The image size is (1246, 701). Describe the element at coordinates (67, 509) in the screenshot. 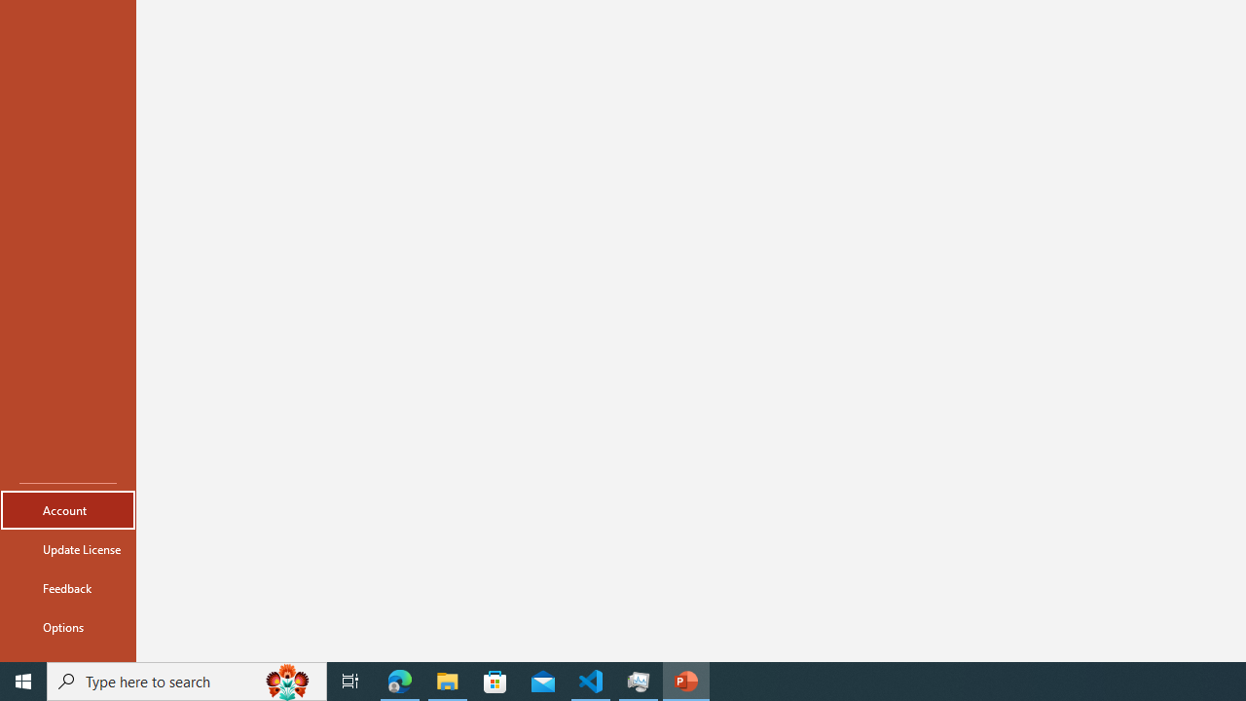

I see `'Account'` at that location.